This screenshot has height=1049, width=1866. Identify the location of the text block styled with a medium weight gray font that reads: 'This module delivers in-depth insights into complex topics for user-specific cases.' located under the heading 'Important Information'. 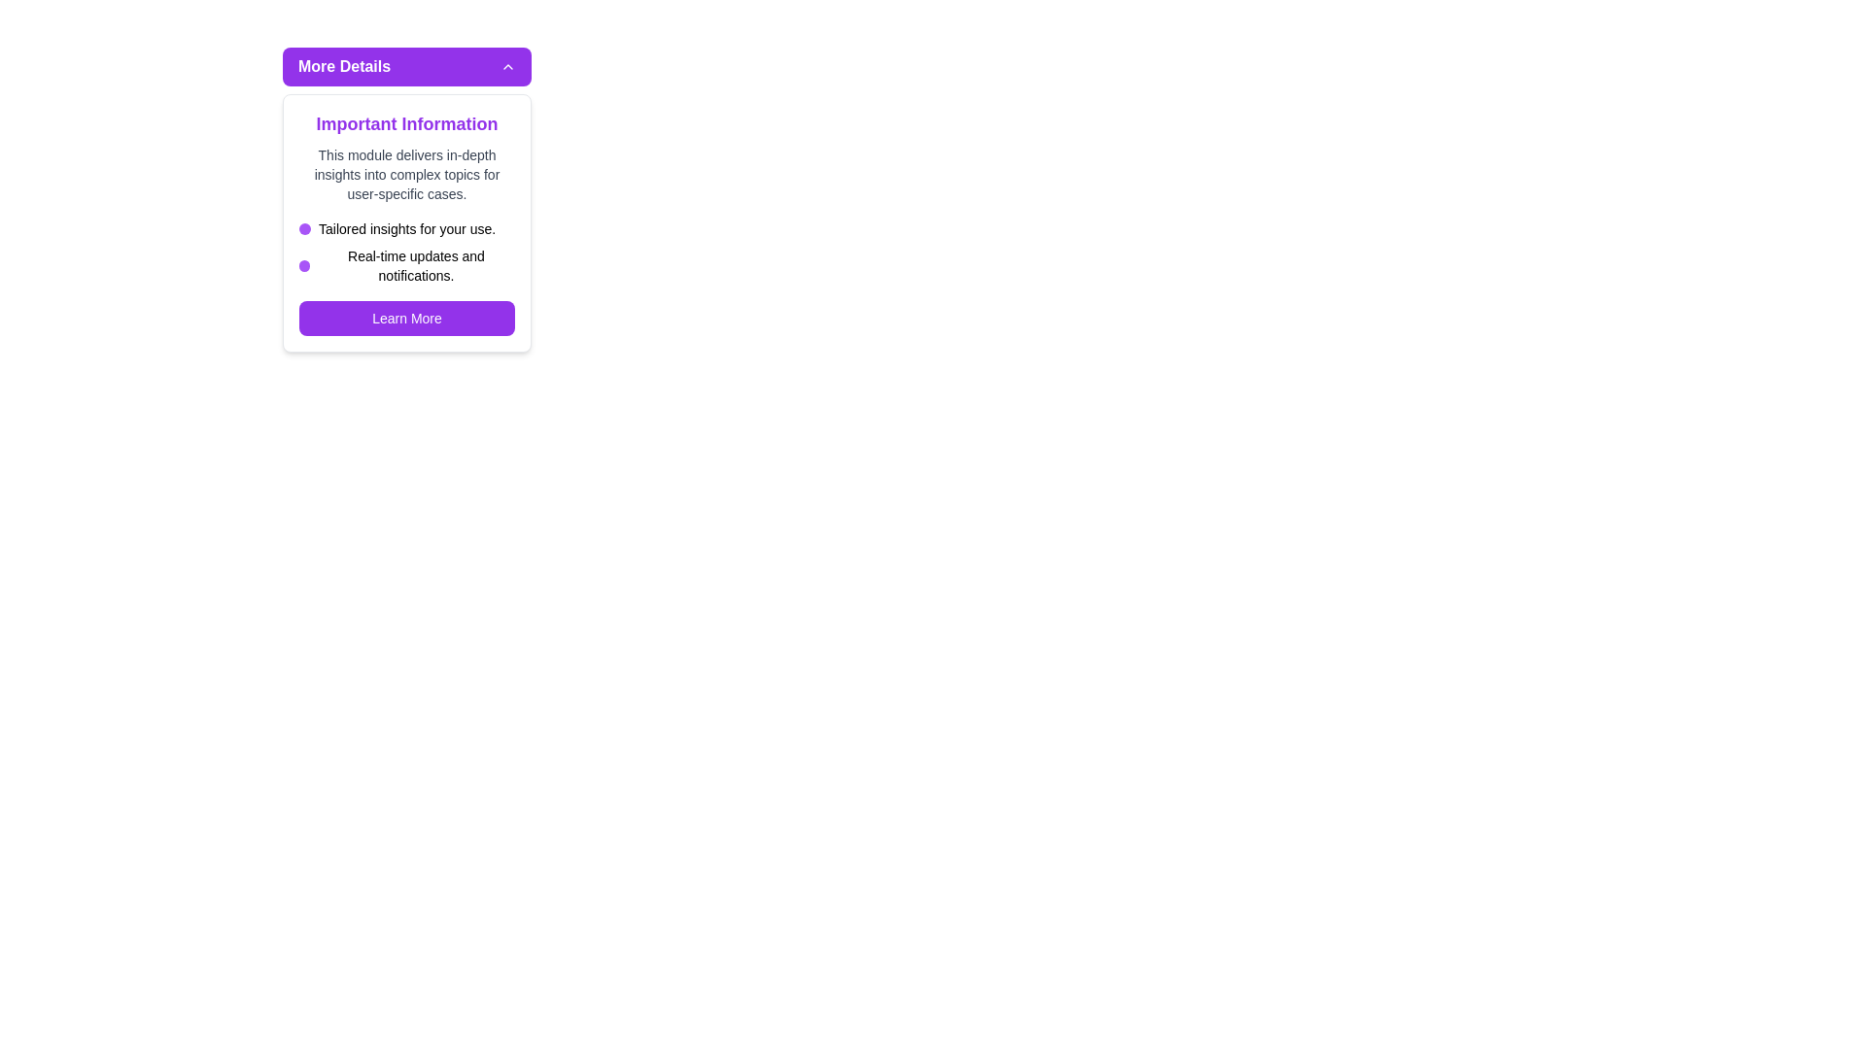
(405, 175).